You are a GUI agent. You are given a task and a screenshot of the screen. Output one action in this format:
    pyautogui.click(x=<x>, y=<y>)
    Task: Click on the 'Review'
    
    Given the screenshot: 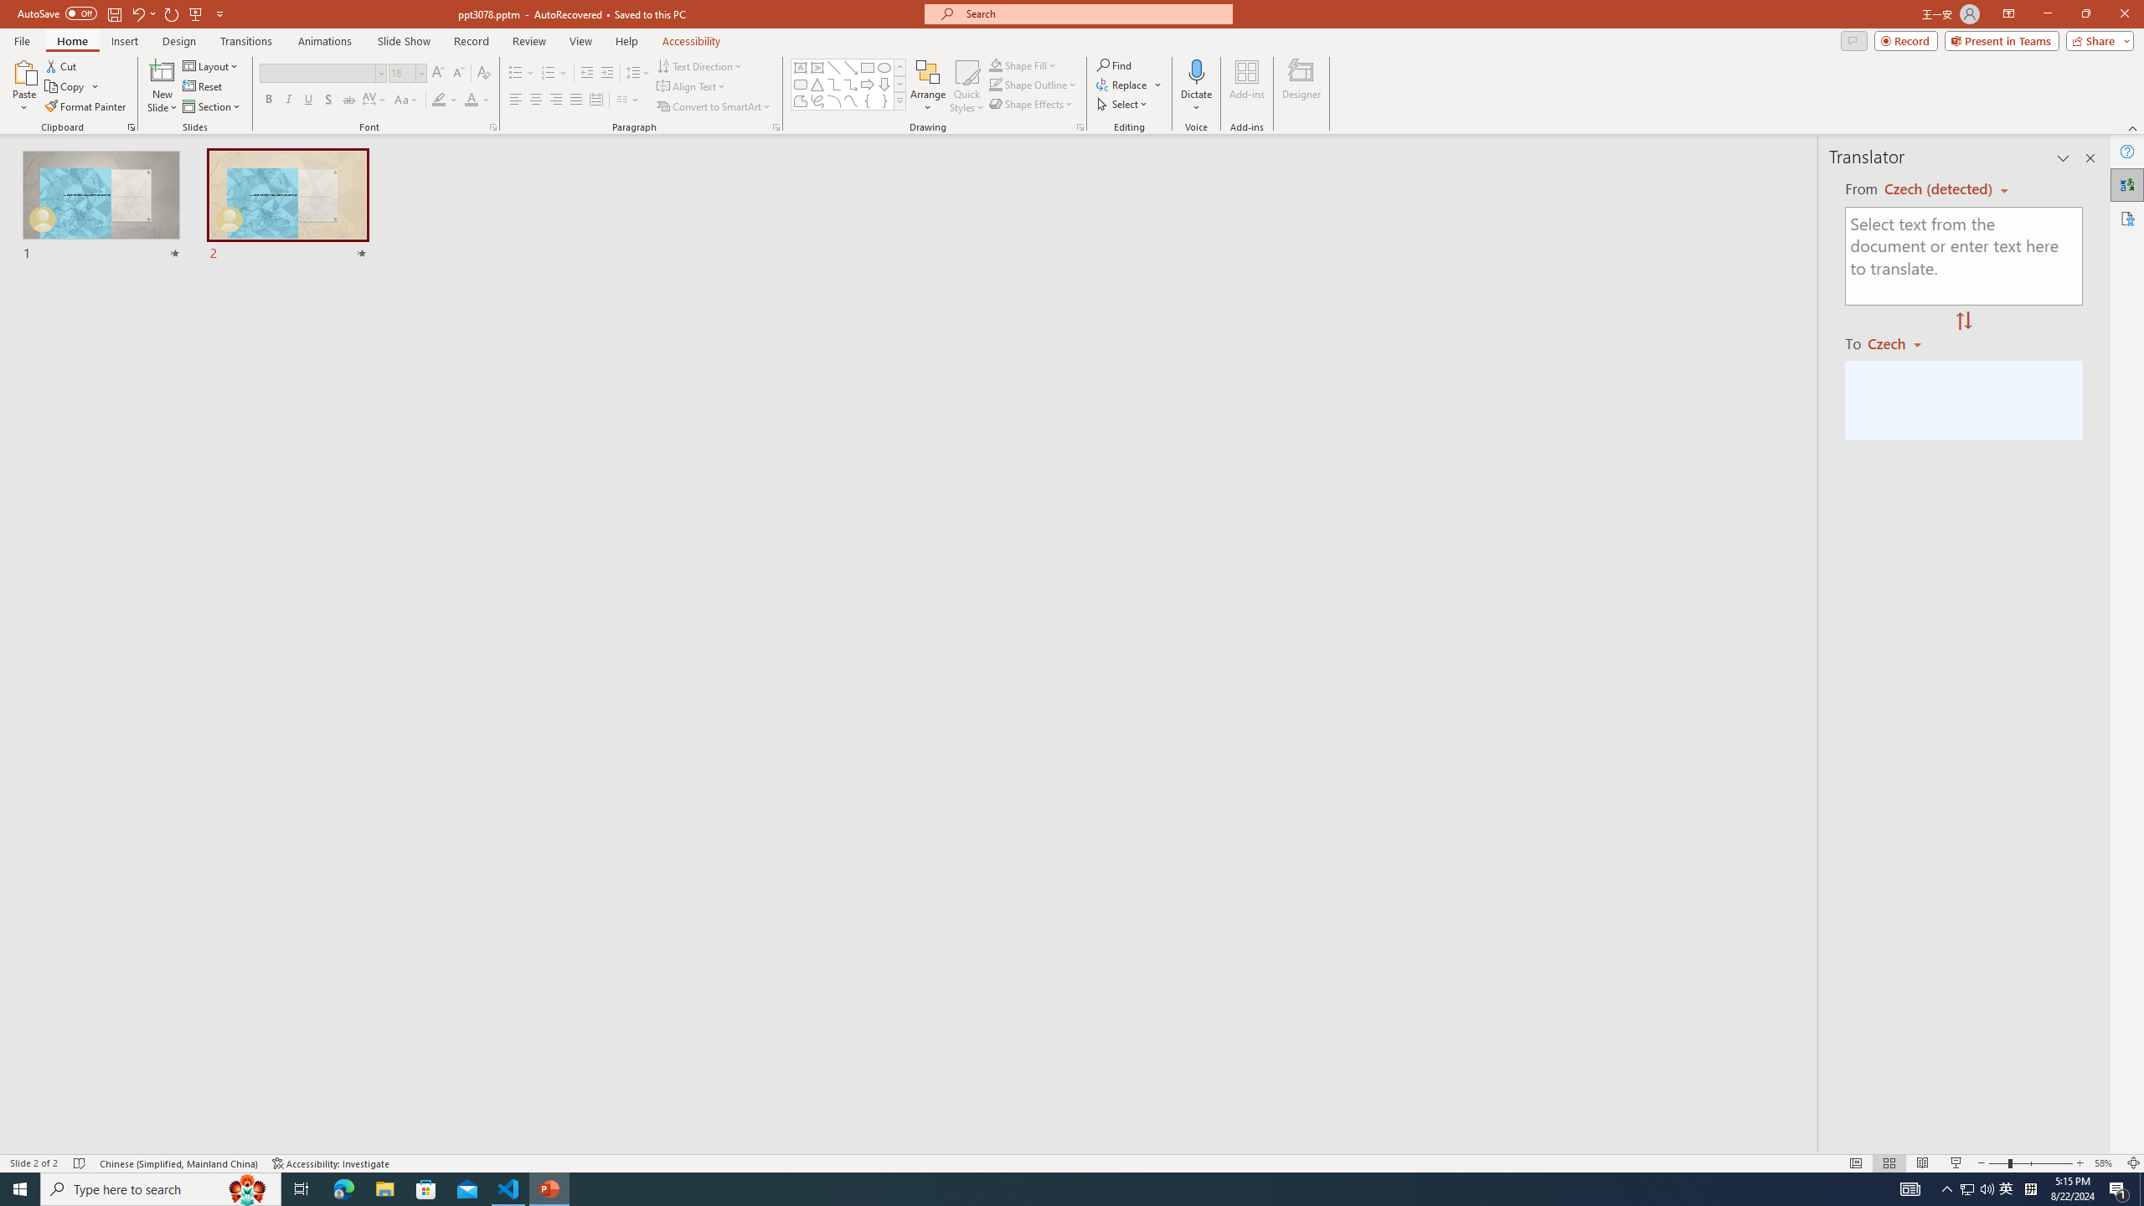 What is the action you would take?
    pyautogui.click(x=528, y=41)
    